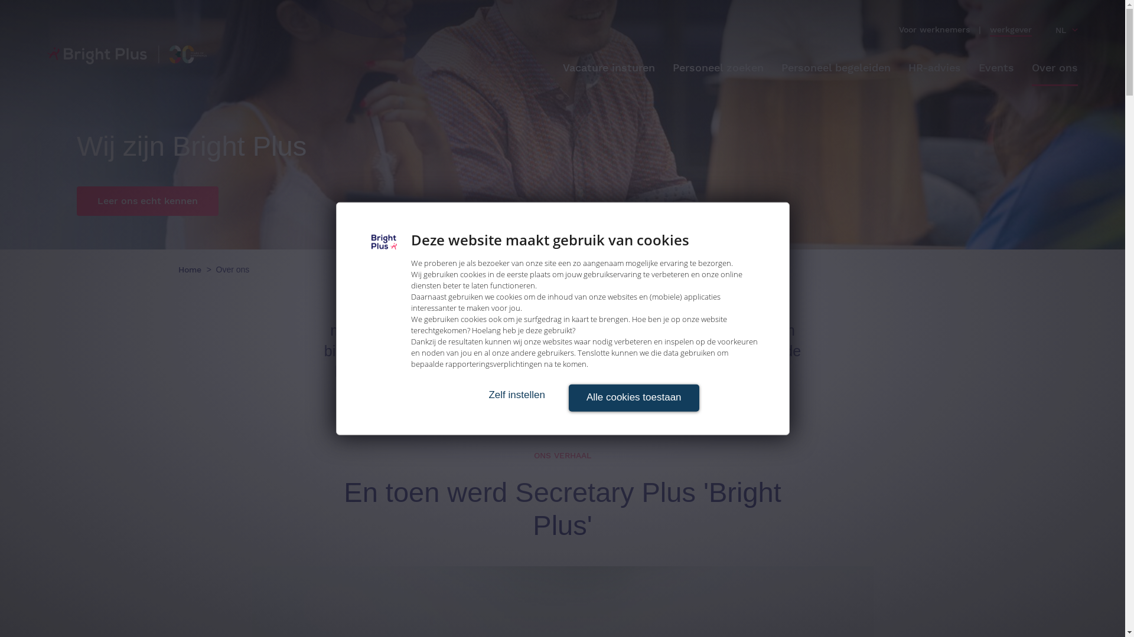  What do you see at coordinates (934, 68) in the screenshot?
I see `'HR-advies'` at bounding box center [934, 68].